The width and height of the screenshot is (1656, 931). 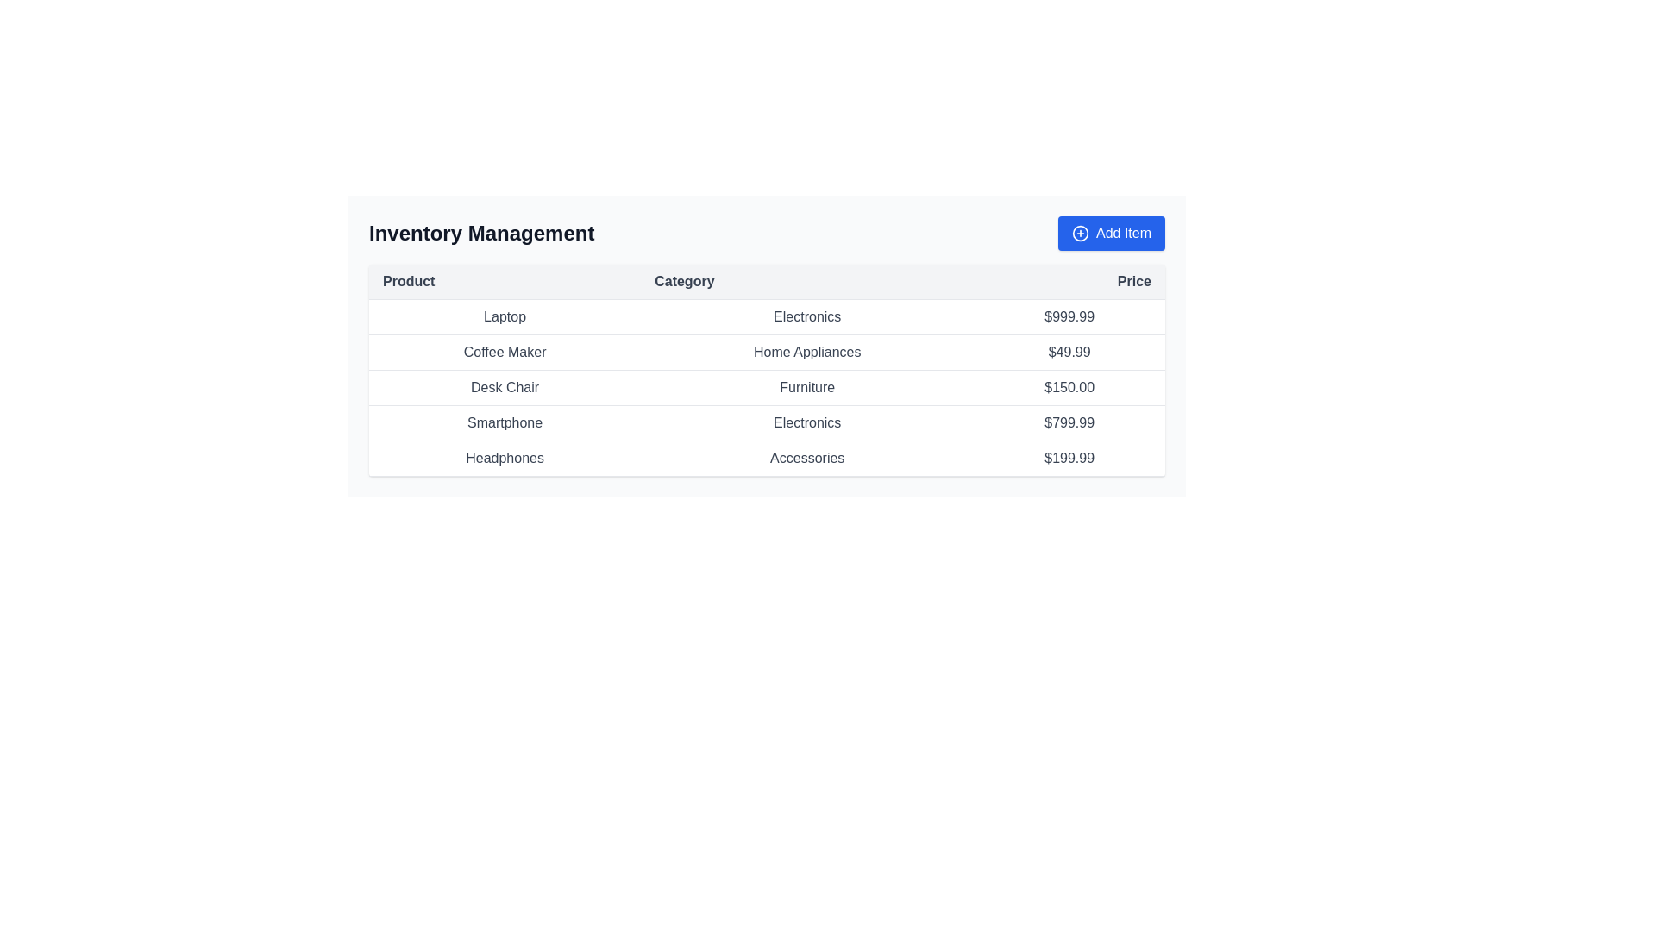 I want to click on the 'Headphones' text label located in the 'Product' column of the fifth row in the table, so click(x=504, y=458).